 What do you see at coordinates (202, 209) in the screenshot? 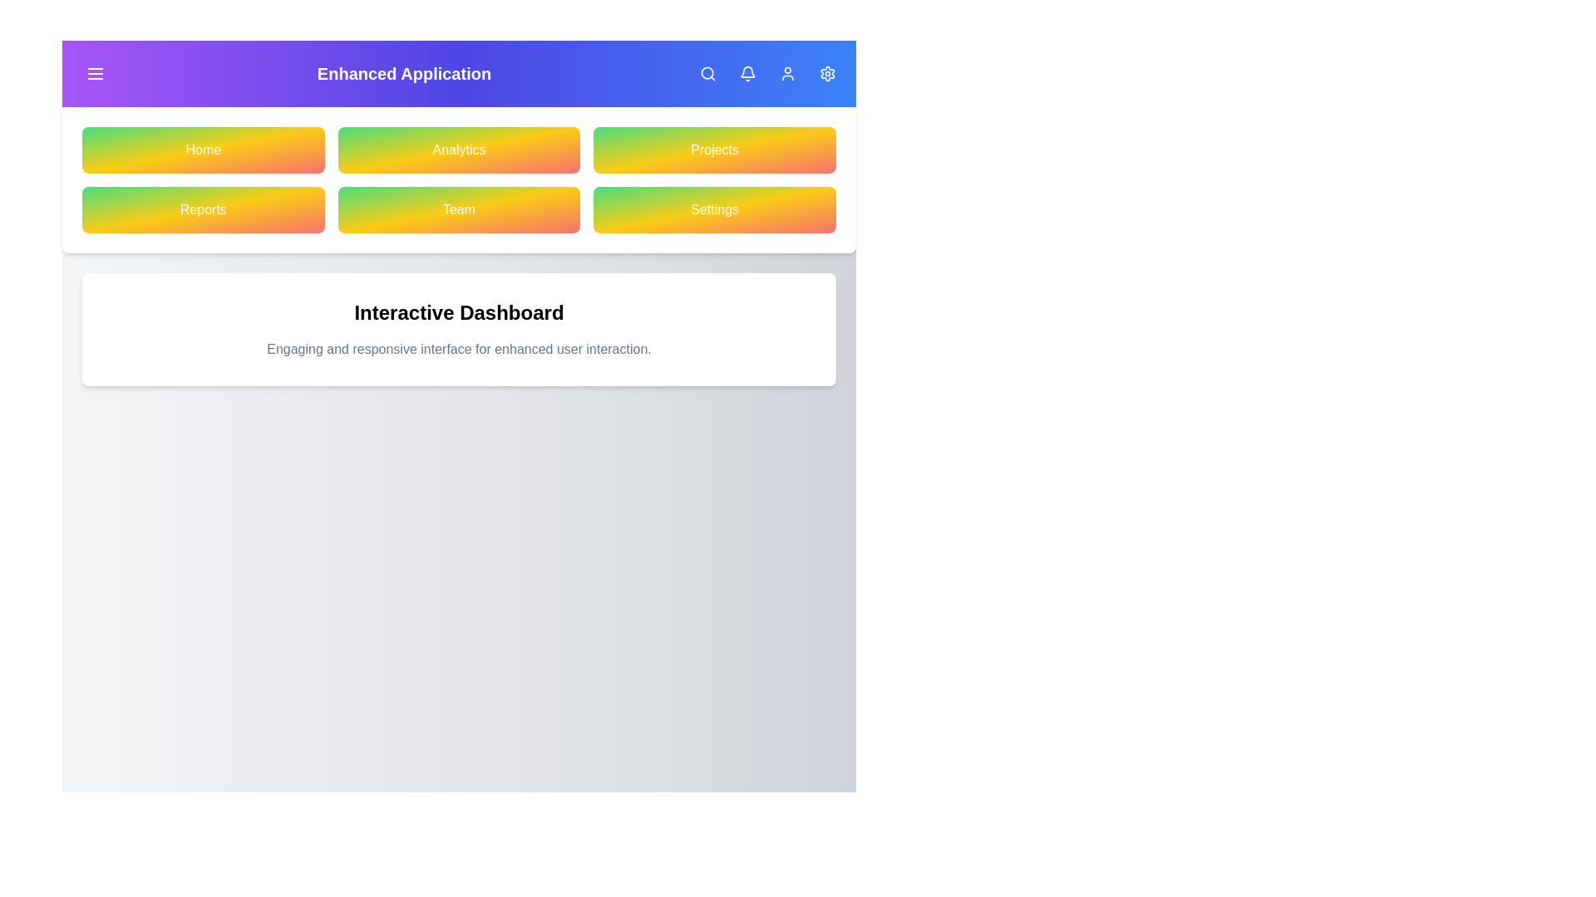
I see `the navigation button labeled Reports` at bounding box center [202, 209].